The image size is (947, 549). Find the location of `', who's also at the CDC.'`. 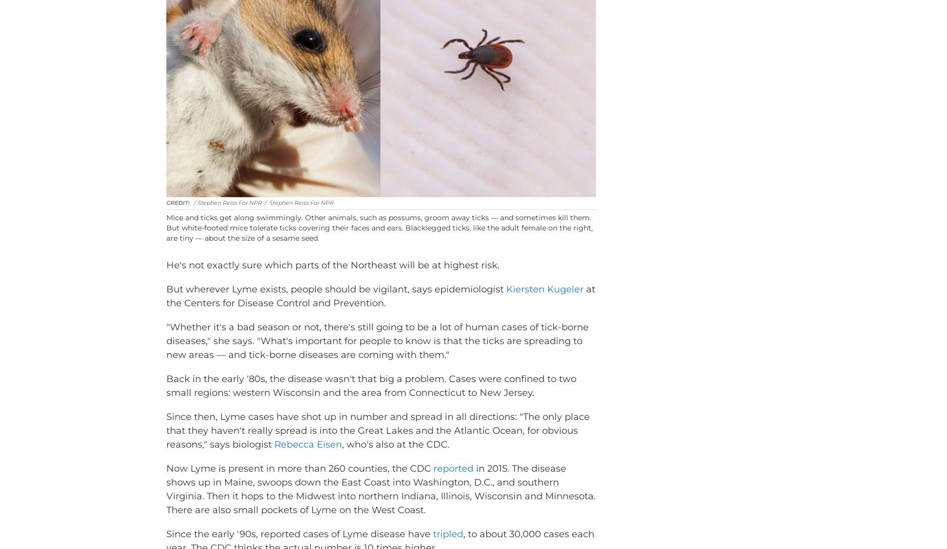

', who's also at the CDC.' is located at coordinates (395, 459).